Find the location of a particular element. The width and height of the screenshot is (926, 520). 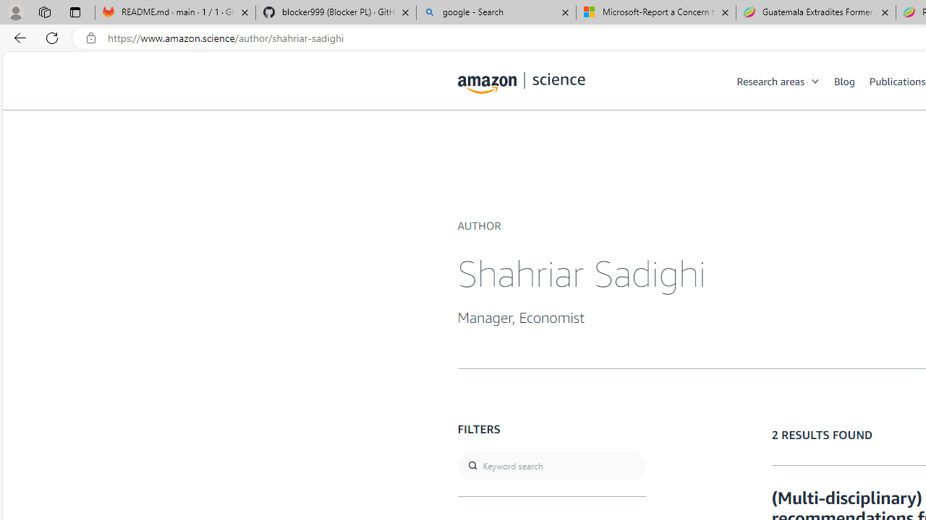

'Research areas' is located at coordinates (785, 80).